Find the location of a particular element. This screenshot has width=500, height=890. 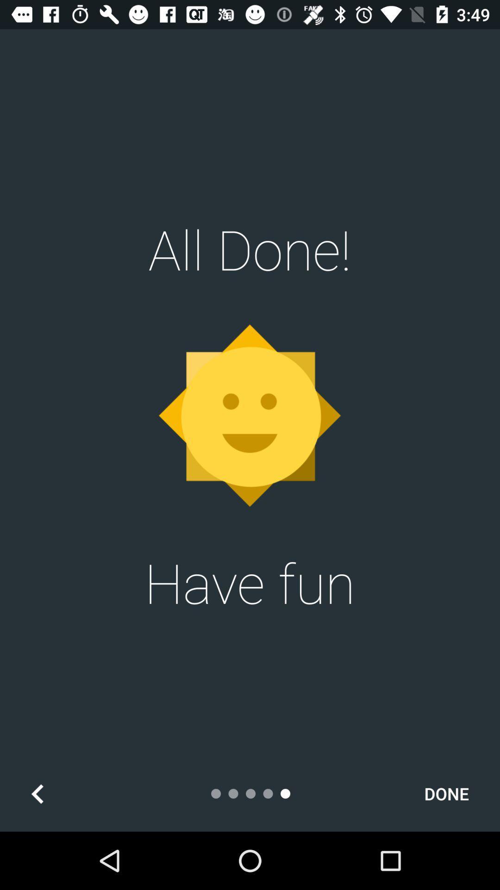

the arrow_backward icon is located at coordinates (37, 793).